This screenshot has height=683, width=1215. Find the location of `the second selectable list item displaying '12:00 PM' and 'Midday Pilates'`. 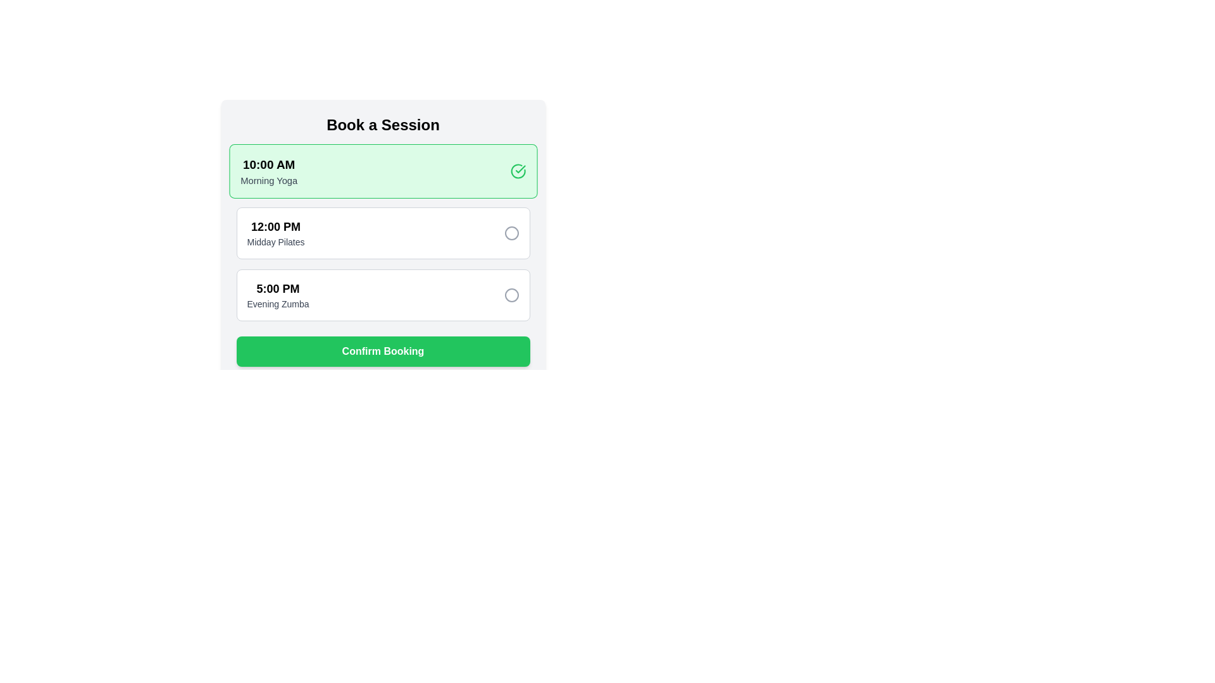

the second selectable list item displaying '12:00 PM' and 'Midday Pilates' is located at coordinates (382, 241).